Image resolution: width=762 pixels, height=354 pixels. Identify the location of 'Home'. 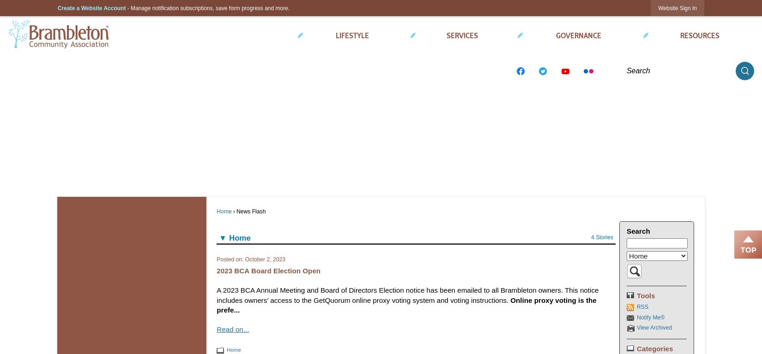
(223, 211).